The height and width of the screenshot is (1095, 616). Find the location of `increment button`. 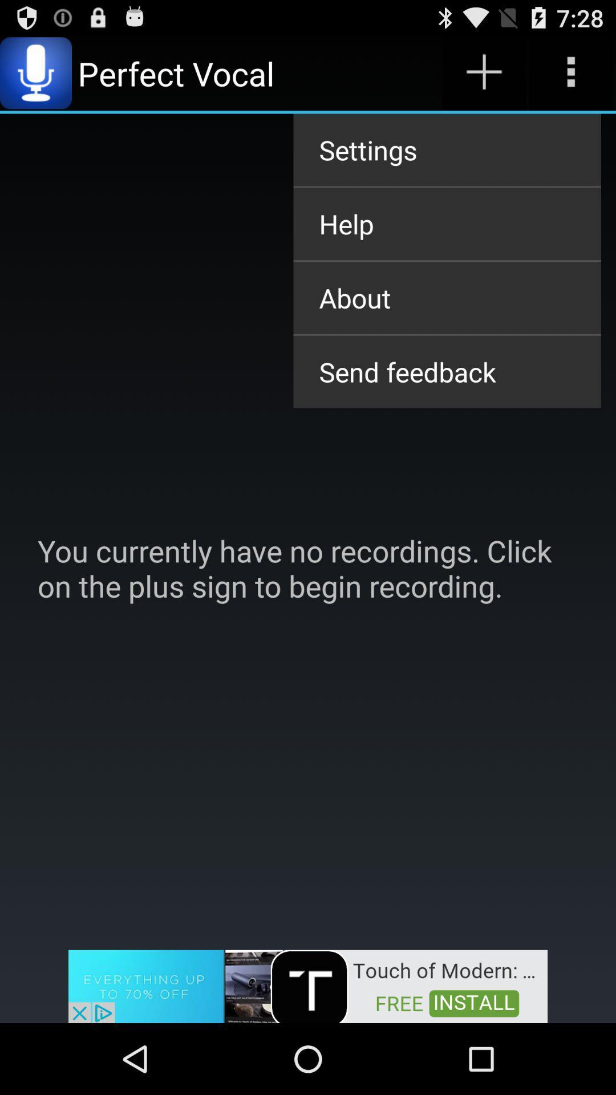

increment button is located at coordinates (484, 72).